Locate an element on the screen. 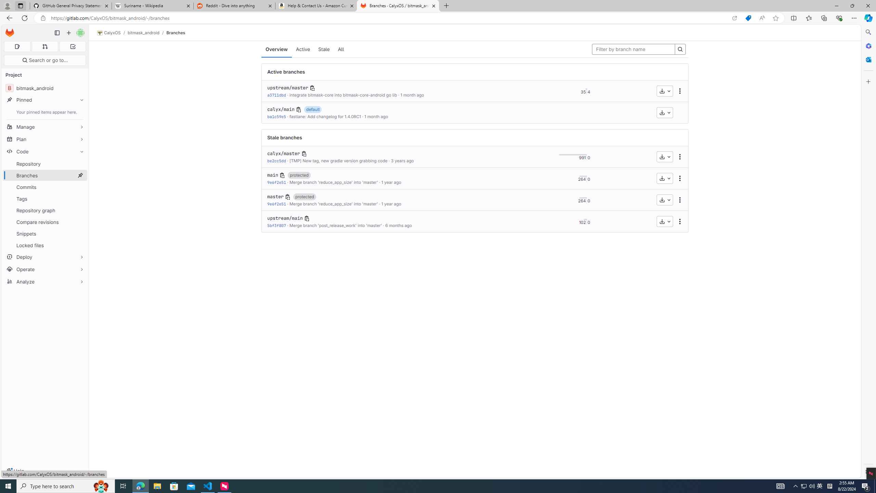  'Minimize' is located at coordinates (836, 5).